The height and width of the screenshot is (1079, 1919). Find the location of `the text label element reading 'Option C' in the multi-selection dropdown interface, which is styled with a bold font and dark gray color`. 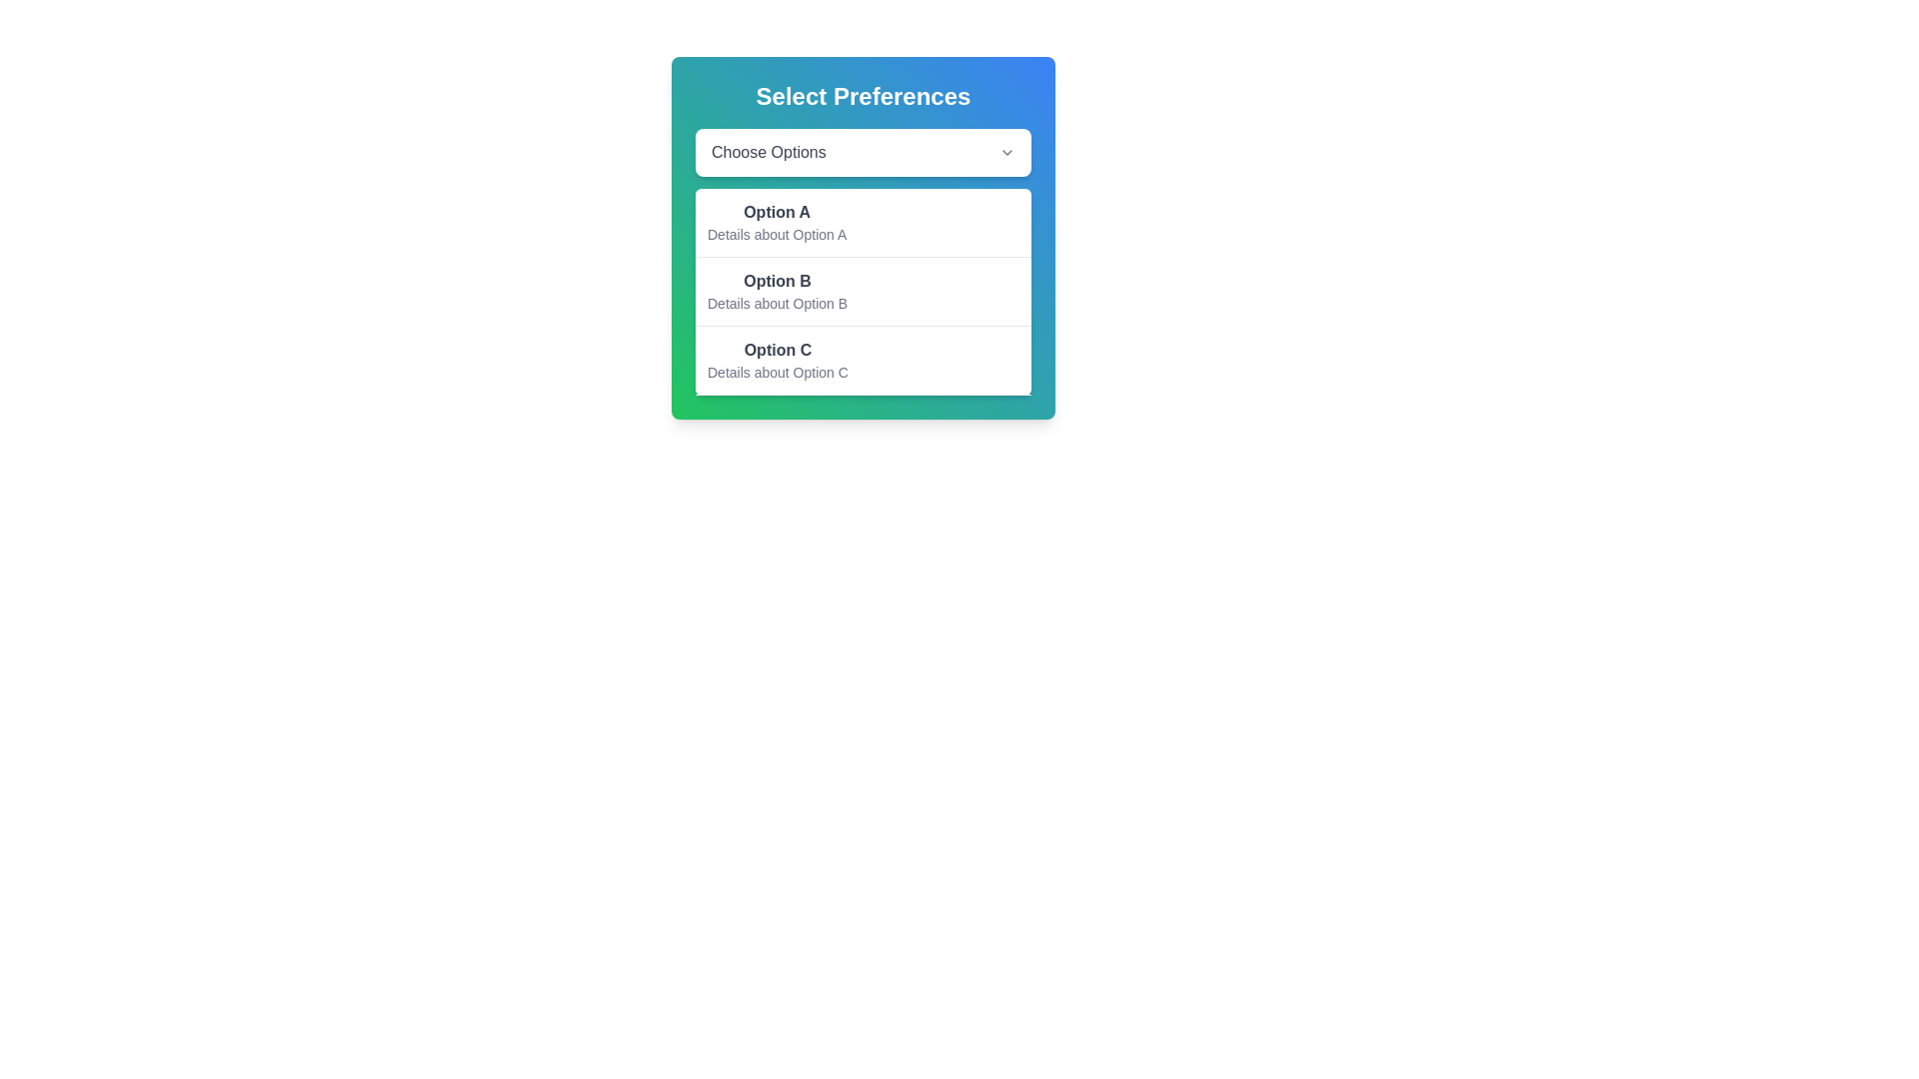

the text label element reading 'Option C' in the multi-selection dropdown interface, which is styled with a bold font and dark gray color is located at coordinates (777, 350).